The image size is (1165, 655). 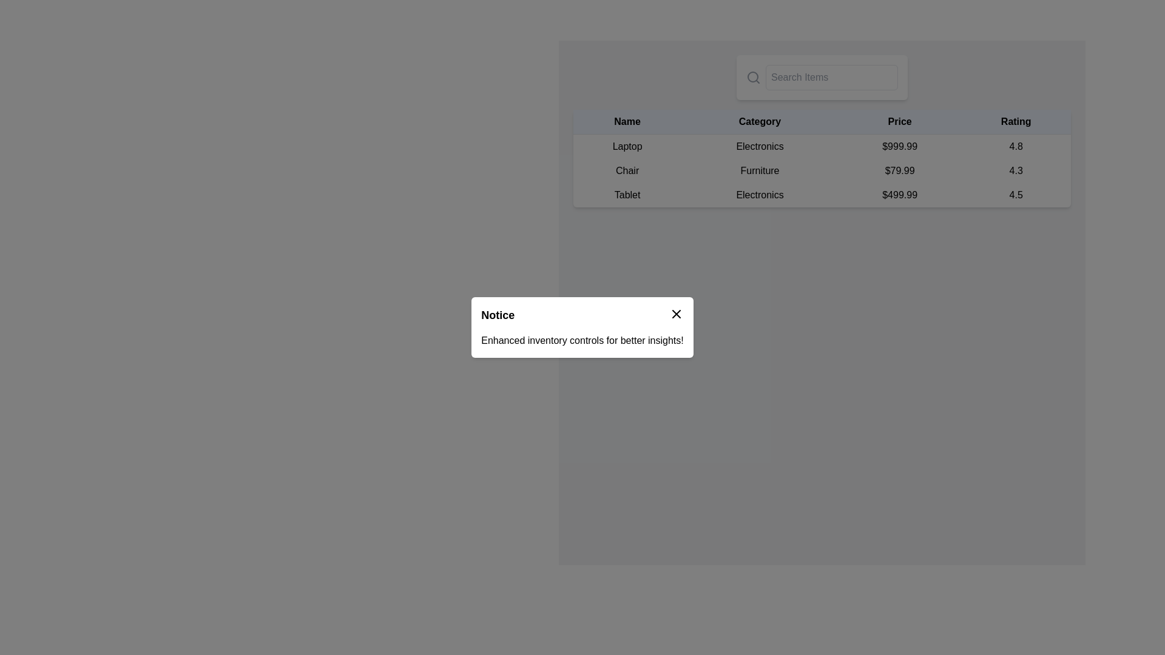 I want to click on the static text label that displays 'Electronics', located in the second cell under the 'Category' column of the row starting with 'Laptop', so click(x=759, y=146).